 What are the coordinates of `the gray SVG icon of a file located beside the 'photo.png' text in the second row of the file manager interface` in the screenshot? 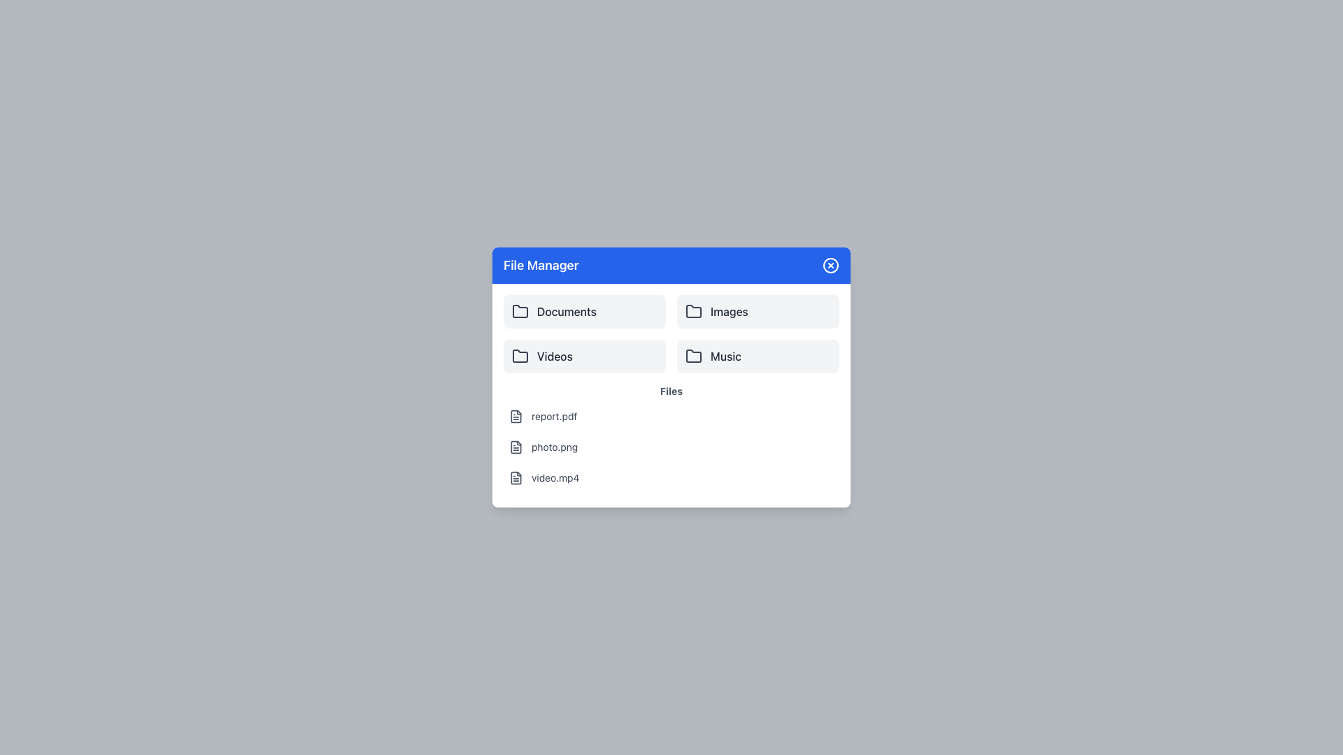 It's located at (516, 447).